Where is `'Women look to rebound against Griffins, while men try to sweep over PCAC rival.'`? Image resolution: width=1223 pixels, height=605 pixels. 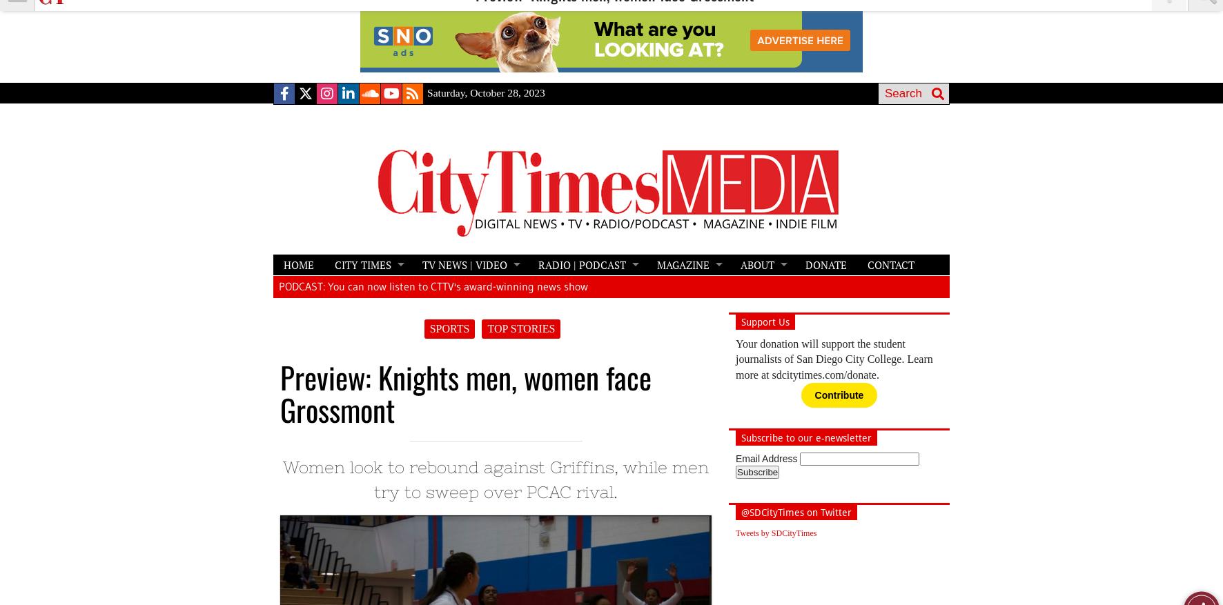
'Women look to rebound against Griffins, while men try to sweep over PCAC rival.' is located at coordinates (495, 479).